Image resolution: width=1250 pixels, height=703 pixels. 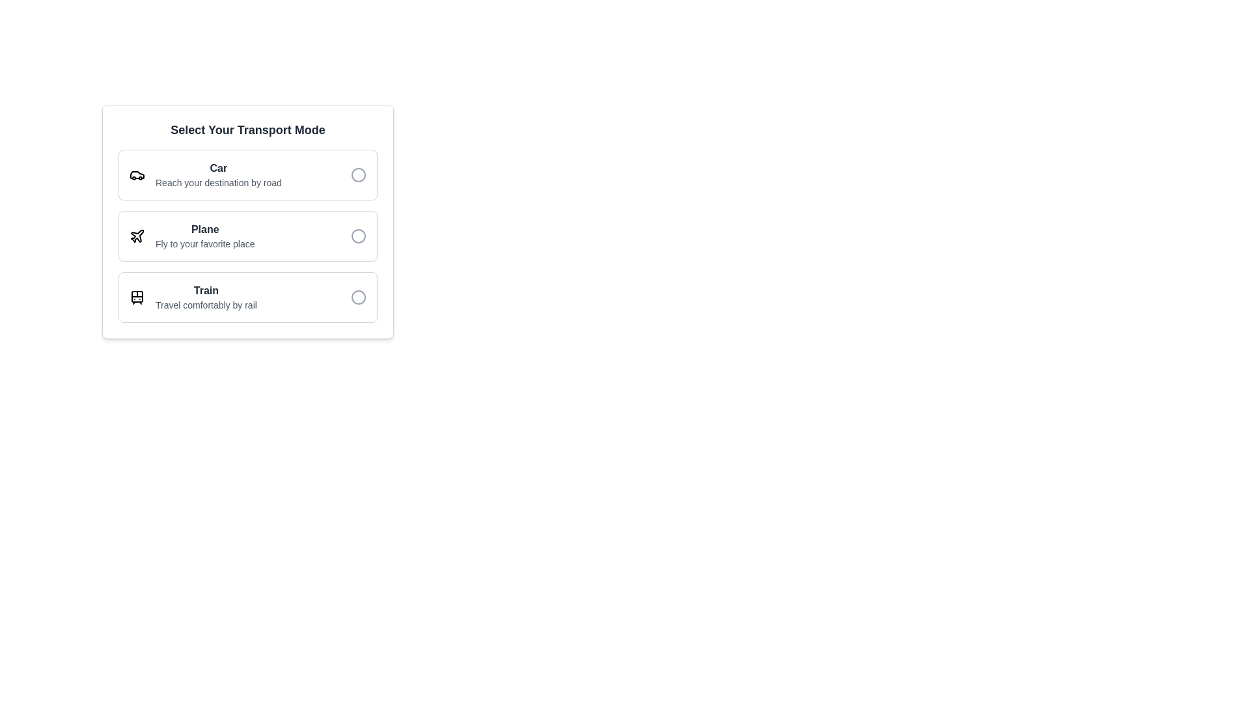 What do you see at coordinates (137, 174) in the screenshot?
I see `the 'Car' transport mode icon, which is the first icon in the transport mode selection list, positioned to the far left of the entry box adjacent to the text 'Car'` at bounding box center [137, 174].